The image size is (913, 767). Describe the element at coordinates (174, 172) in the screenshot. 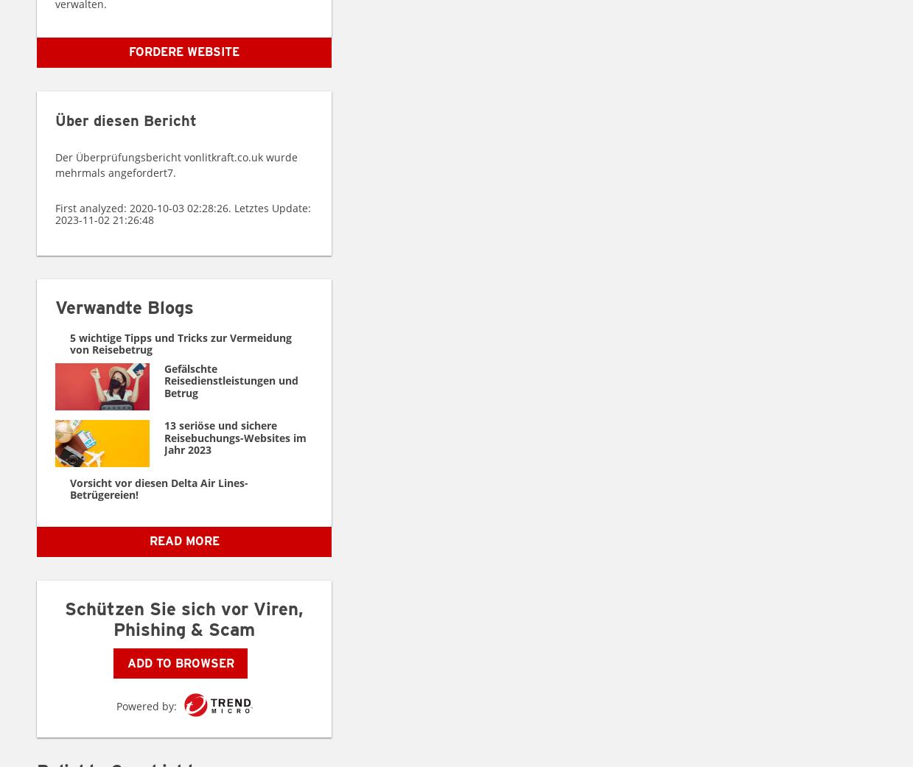

I see `'.'` at that location.